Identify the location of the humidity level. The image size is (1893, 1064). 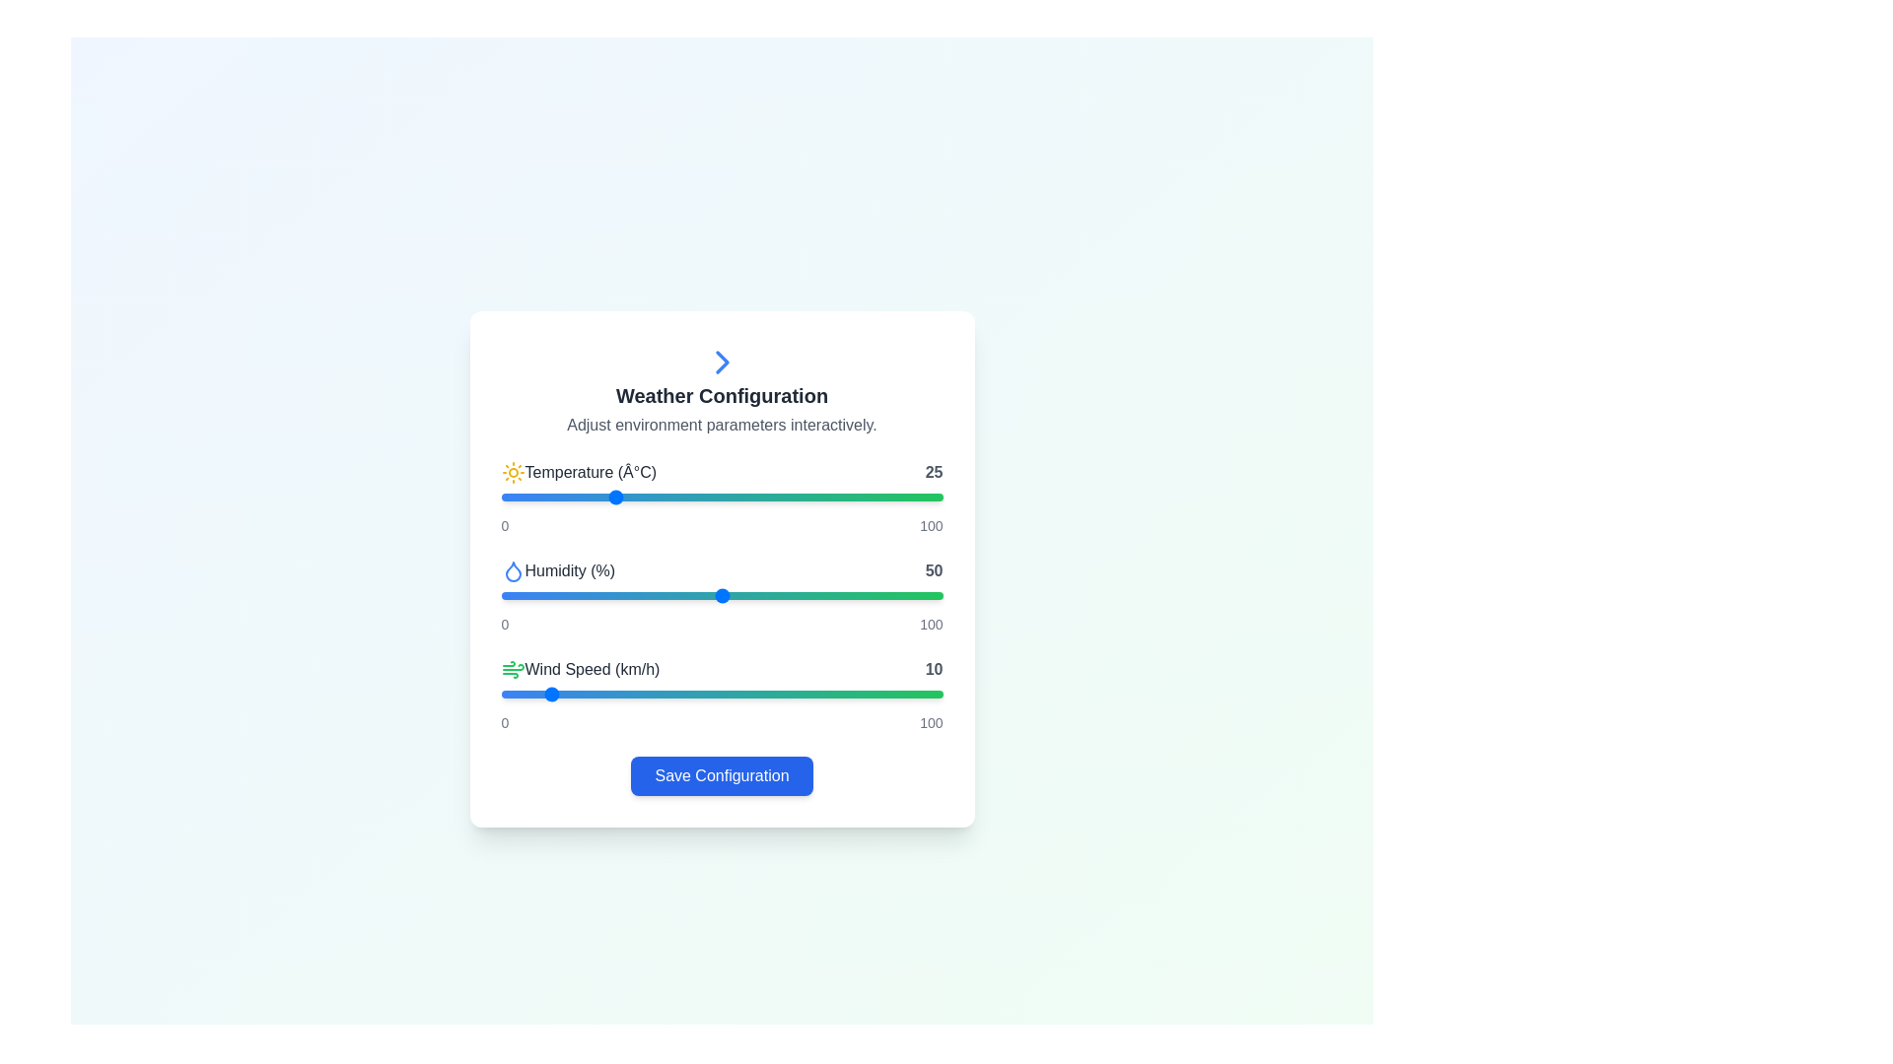
(814, 595).